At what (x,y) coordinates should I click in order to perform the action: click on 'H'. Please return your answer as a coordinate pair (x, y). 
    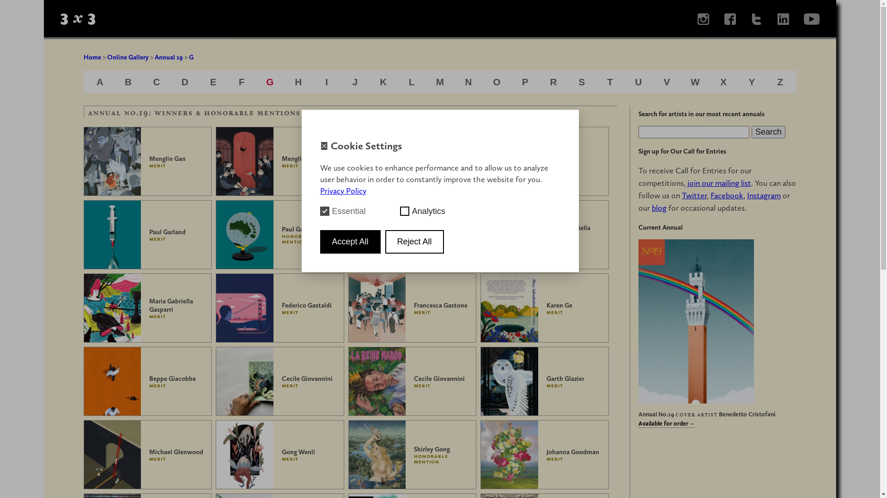
    Looking at the image, I should click on (298, 81).